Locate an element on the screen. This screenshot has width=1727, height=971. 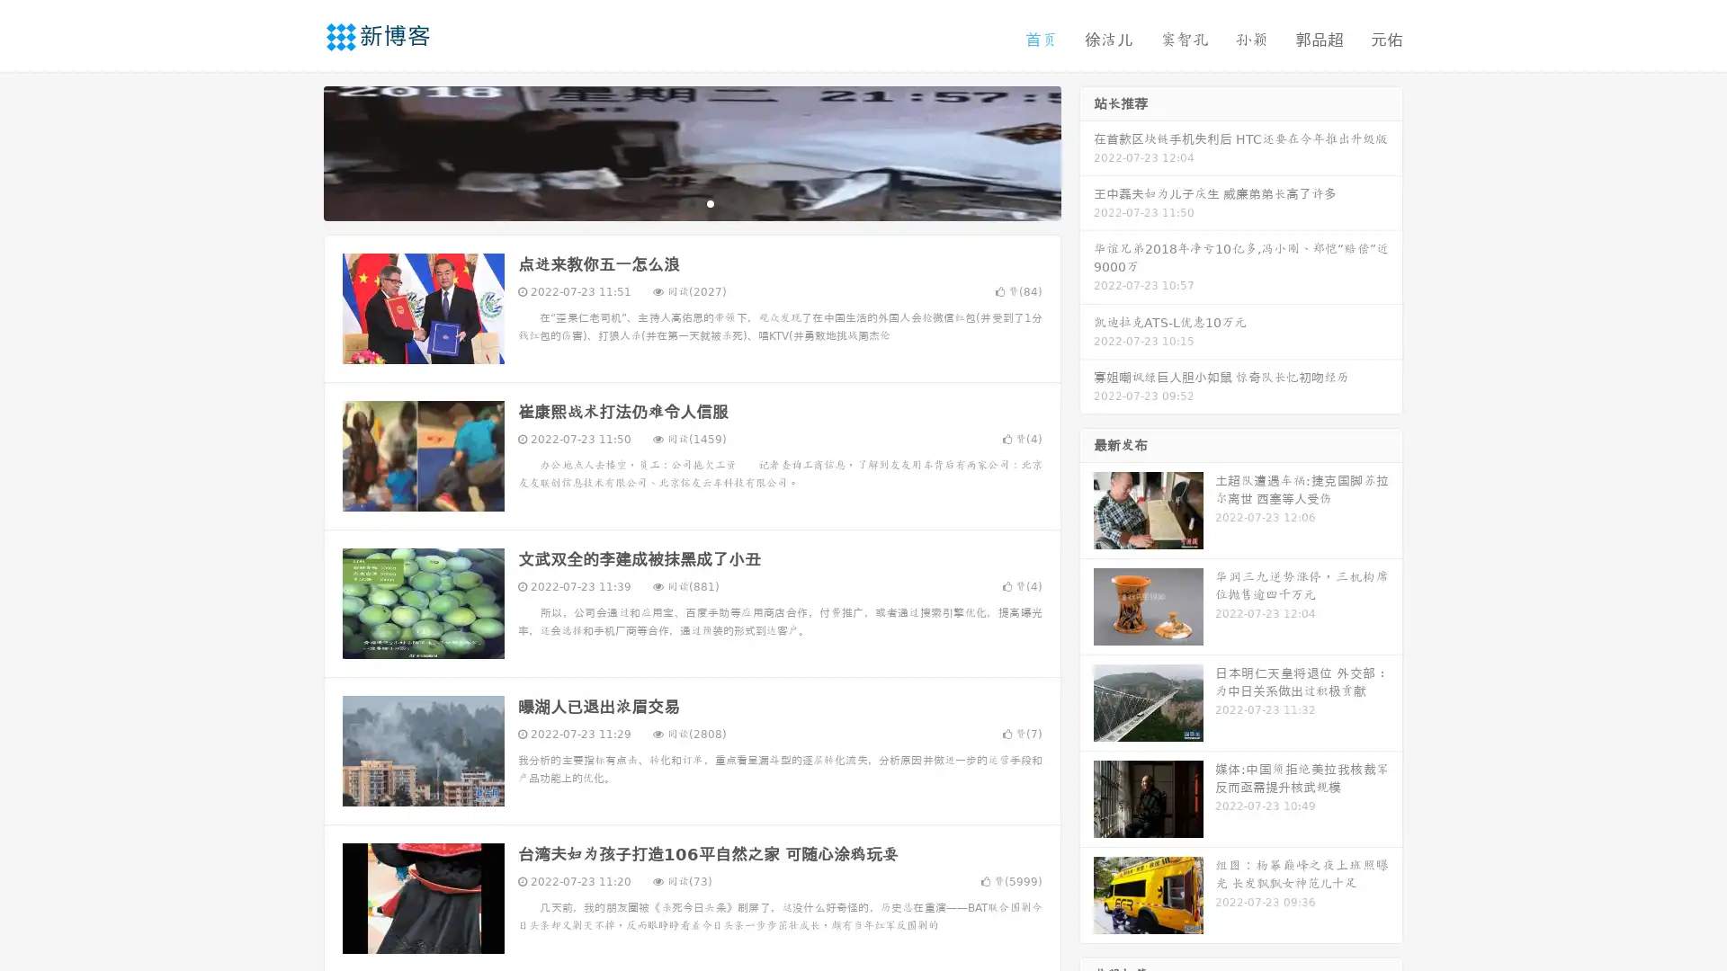
Previous slide is located at coordinates (297, 151).